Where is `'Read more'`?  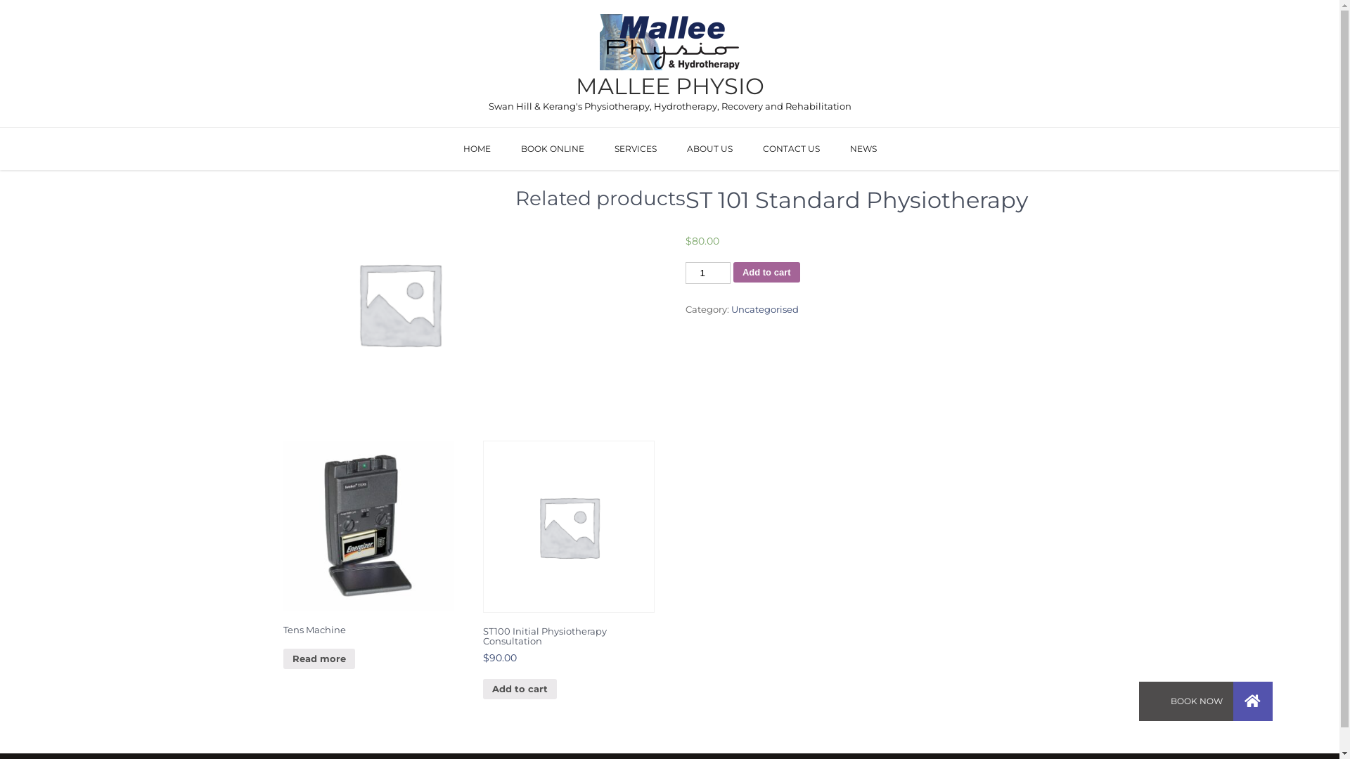 'Read more' is located at coordinates (317, 659).